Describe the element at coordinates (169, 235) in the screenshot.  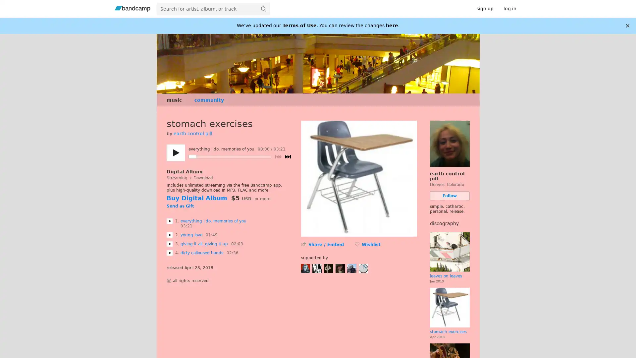
I see `Play young love` at that location.